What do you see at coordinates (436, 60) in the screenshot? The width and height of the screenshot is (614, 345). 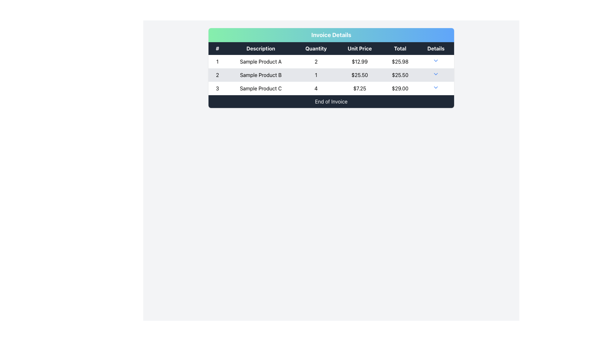 I see `the interactive icon located in the 'Details' column of the first row for 'Sample Product A'` at bounding box center [436, 60].